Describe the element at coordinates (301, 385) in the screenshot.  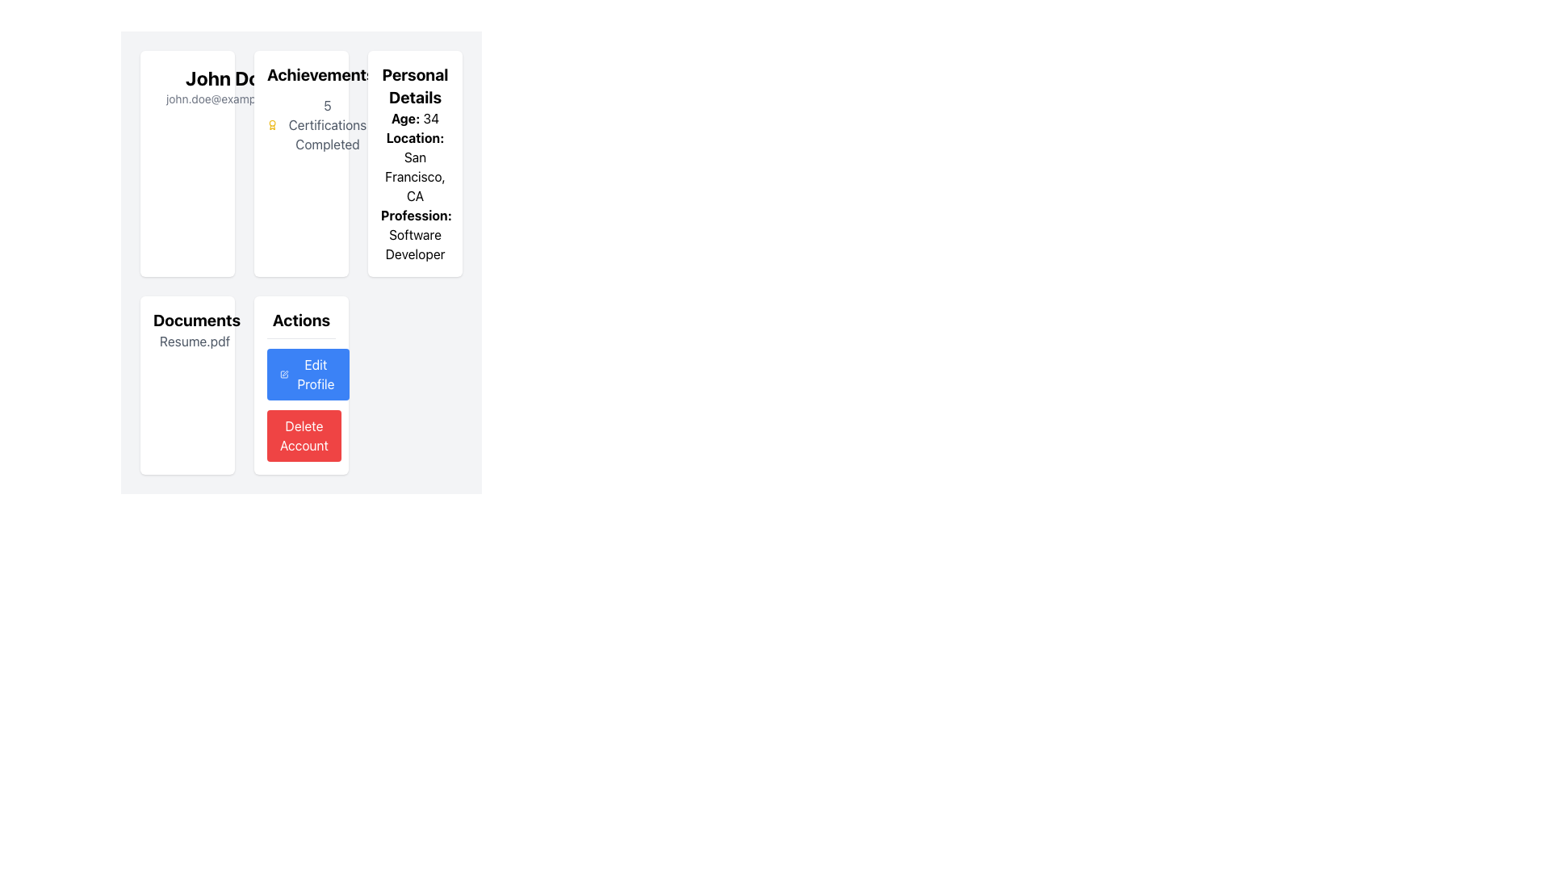
I see `the buttons in the 'Actions' card, which contains 'Edit Profile' and 'Delete Account' buttons` at that location.